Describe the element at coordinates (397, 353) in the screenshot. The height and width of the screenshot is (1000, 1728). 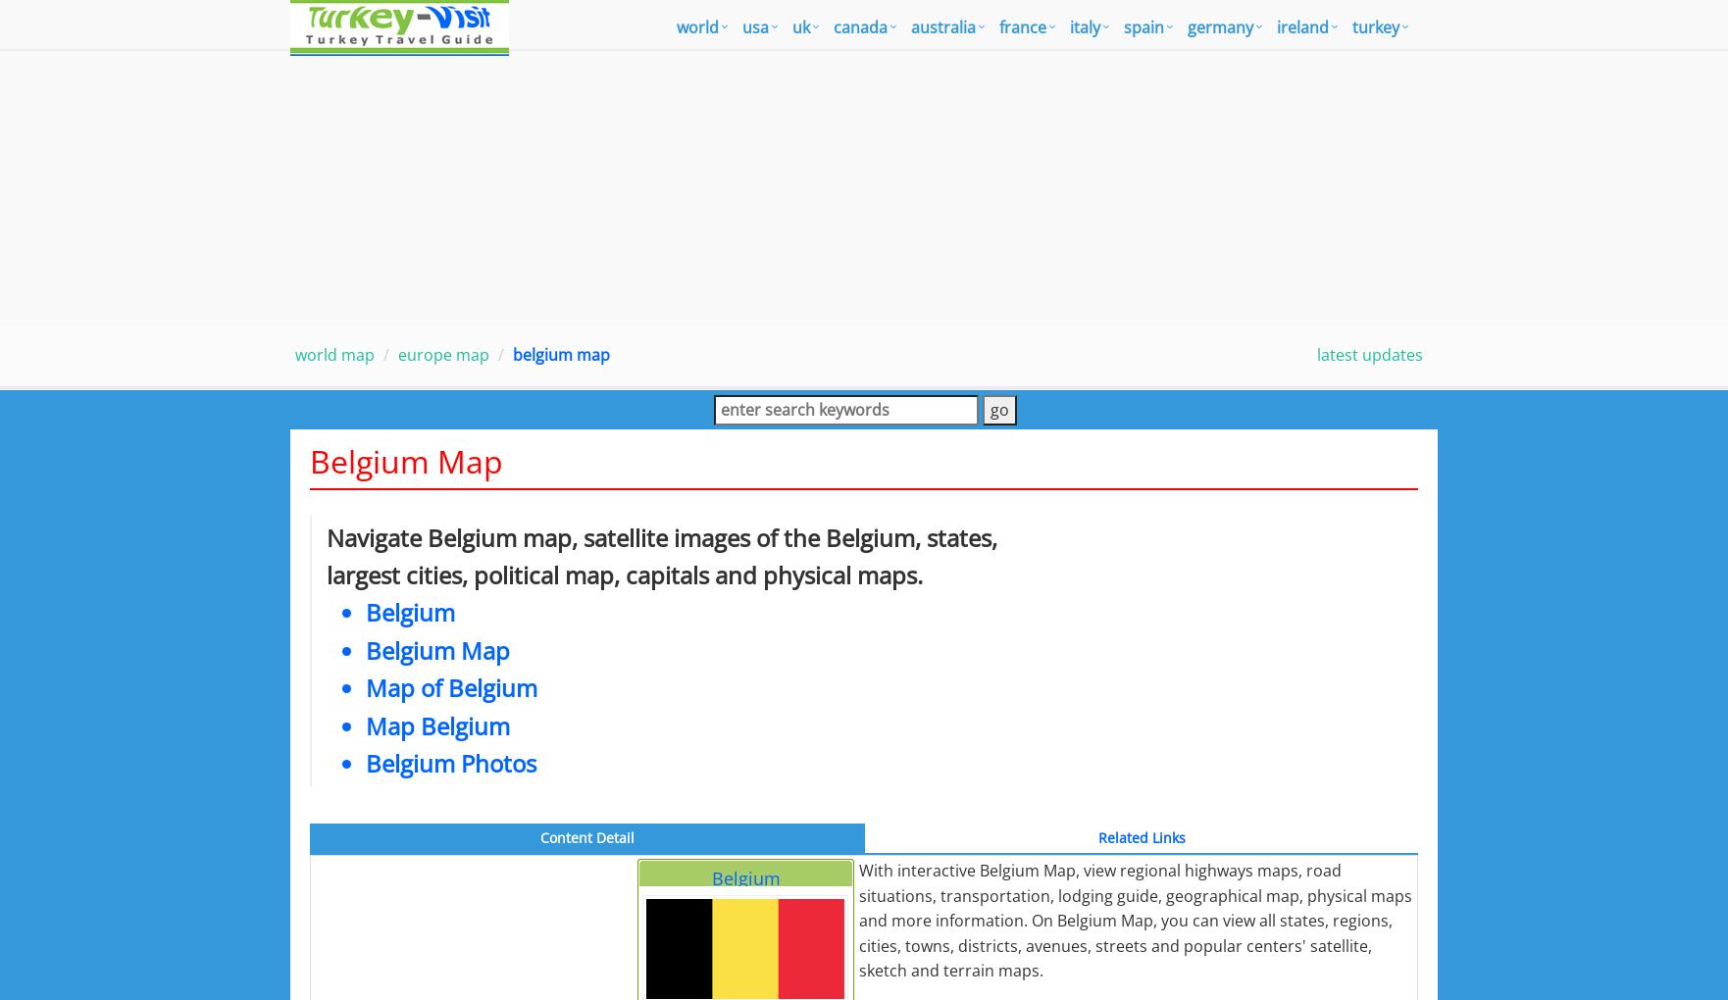
I see `'europe map'` at that location.